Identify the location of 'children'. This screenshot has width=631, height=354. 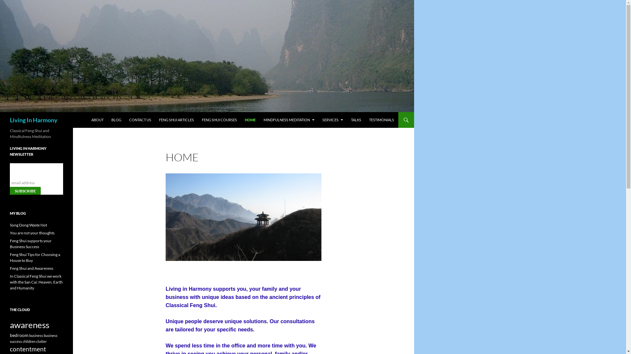
(29, 341).